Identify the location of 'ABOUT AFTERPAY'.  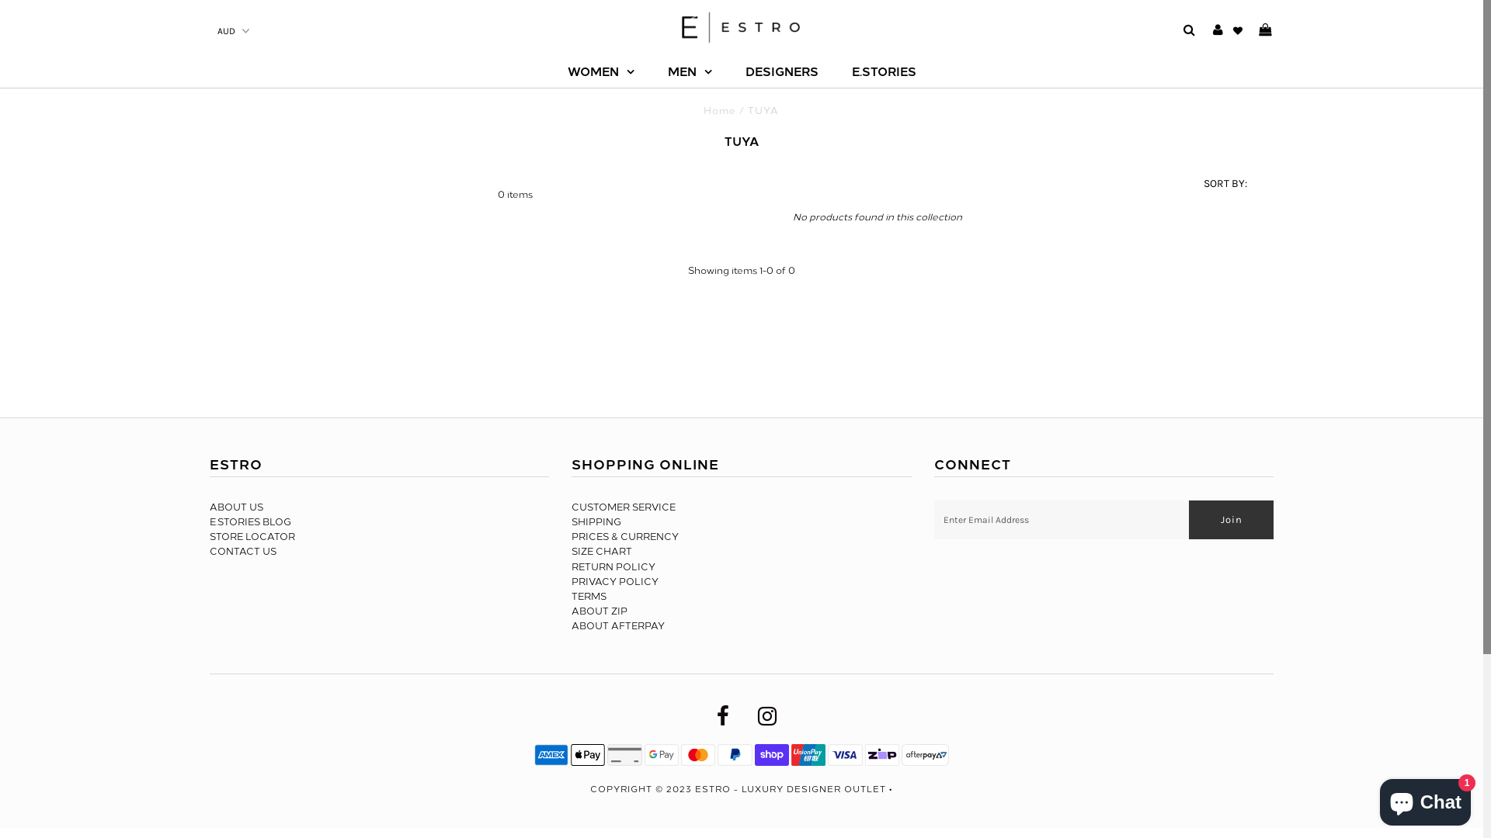
(617, 625).